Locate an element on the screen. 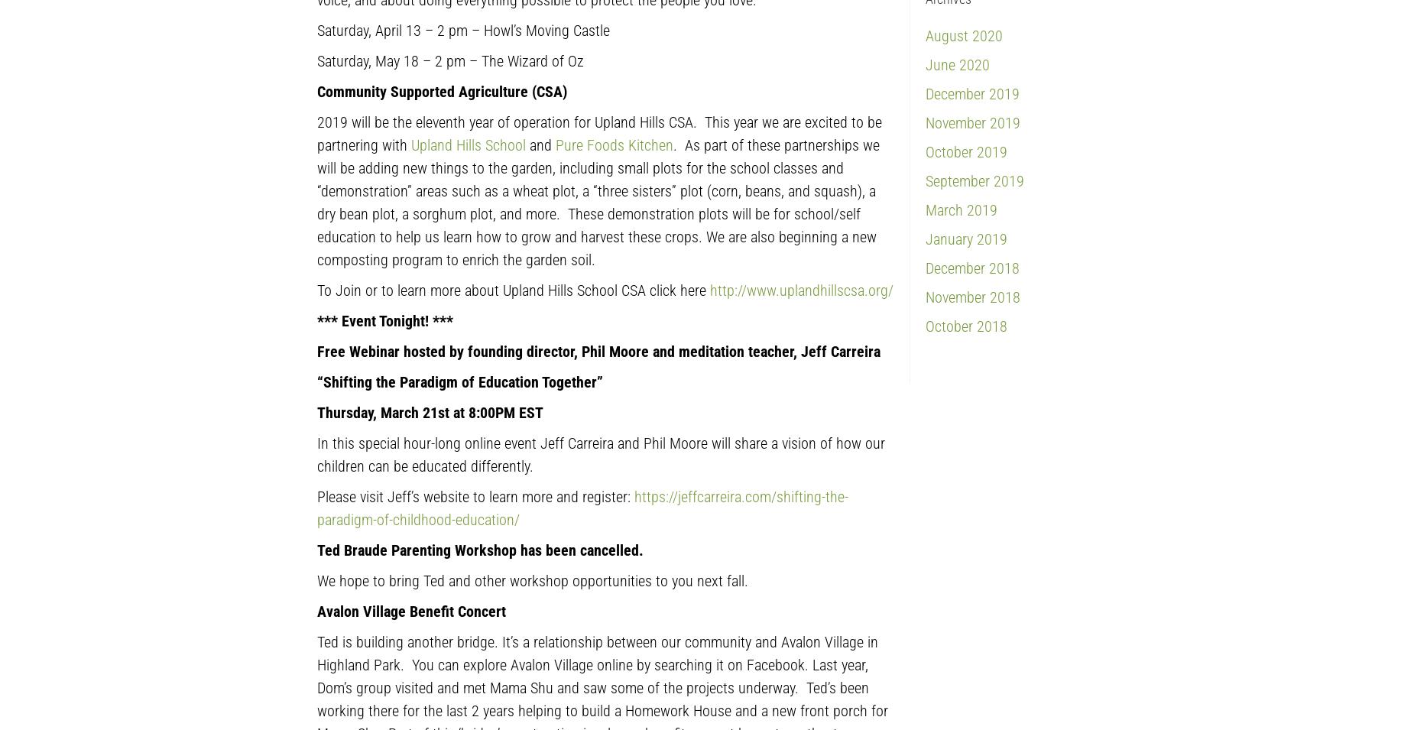 The width and height of the screenshot is (1414, 730). '*** Event Tonight! ***' is located at coordinates (384, 319).